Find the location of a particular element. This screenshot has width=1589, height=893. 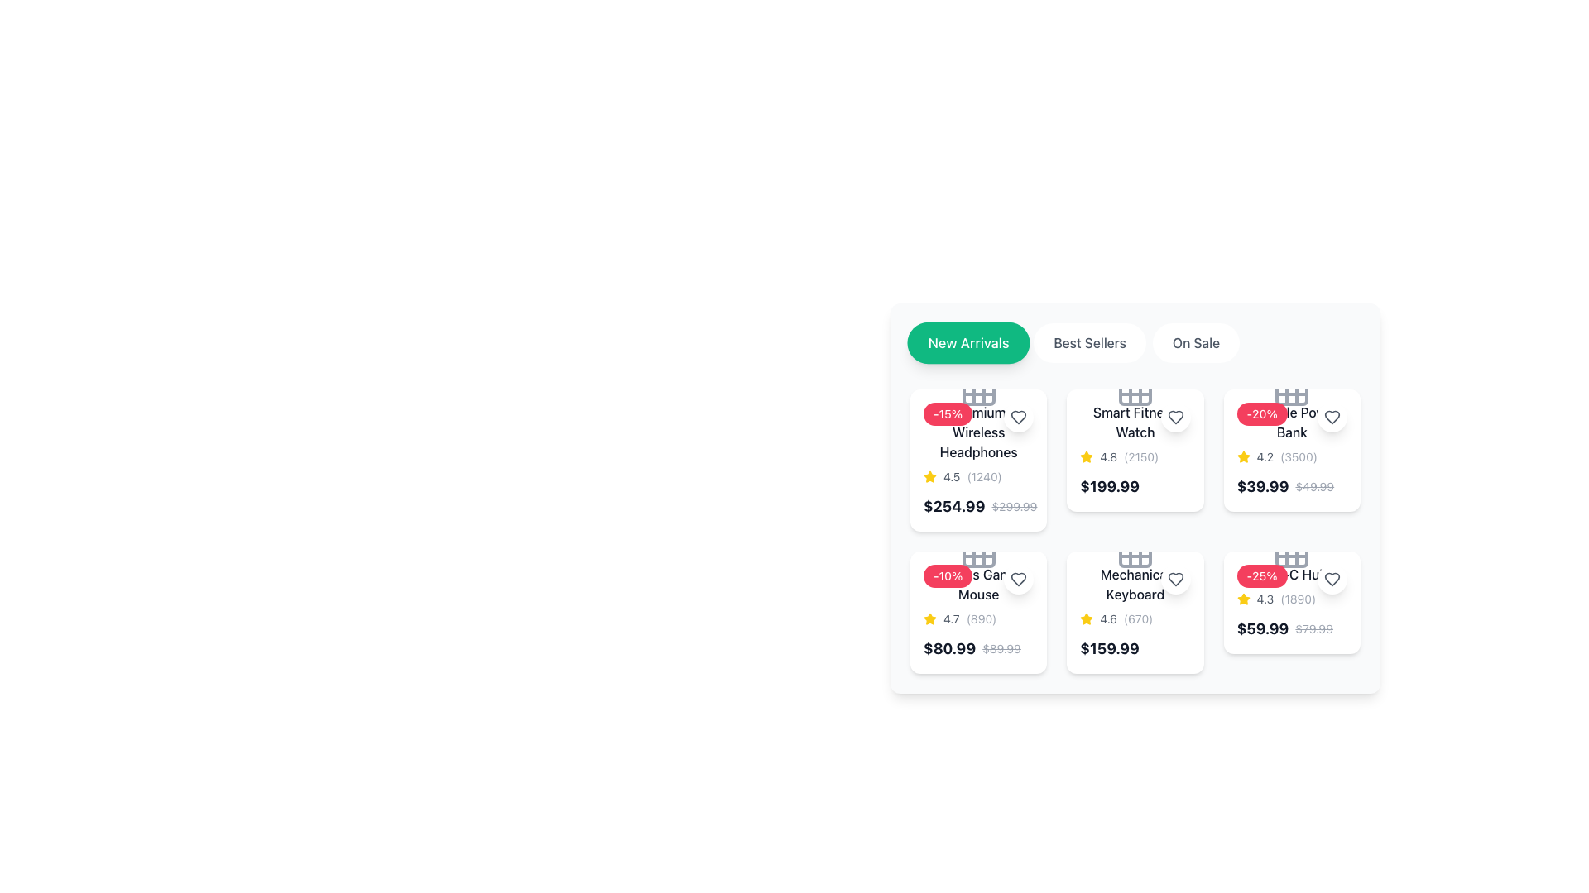

the heart icon button styled as an outline in dark gray against a white circular background is located at coordinates (1174, 417).